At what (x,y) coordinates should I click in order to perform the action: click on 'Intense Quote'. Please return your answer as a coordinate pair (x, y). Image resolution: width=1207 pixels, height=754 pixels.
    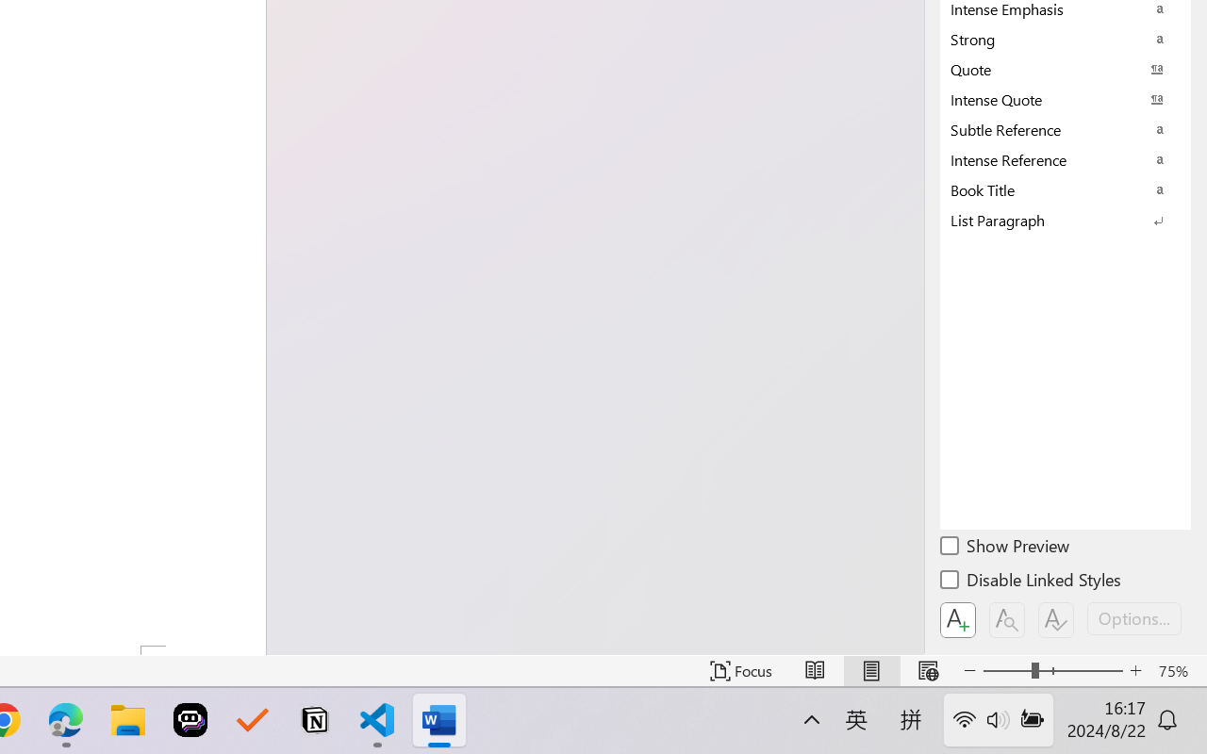
    Looking at the image, I should click on (1066, 98).